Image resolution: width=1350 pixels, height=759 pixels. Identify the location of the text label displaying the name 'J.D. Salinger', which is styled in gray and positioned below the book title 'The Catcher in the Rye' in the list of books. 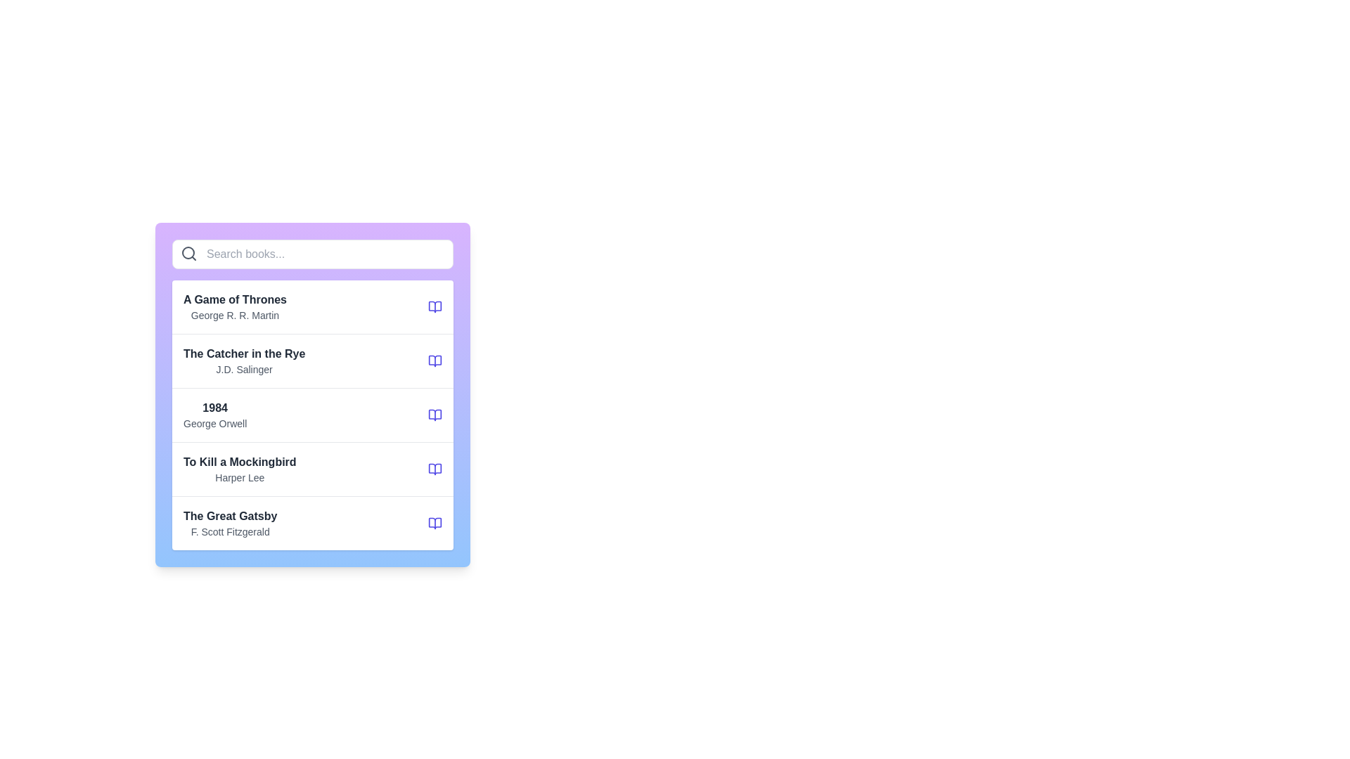
(244, 368).